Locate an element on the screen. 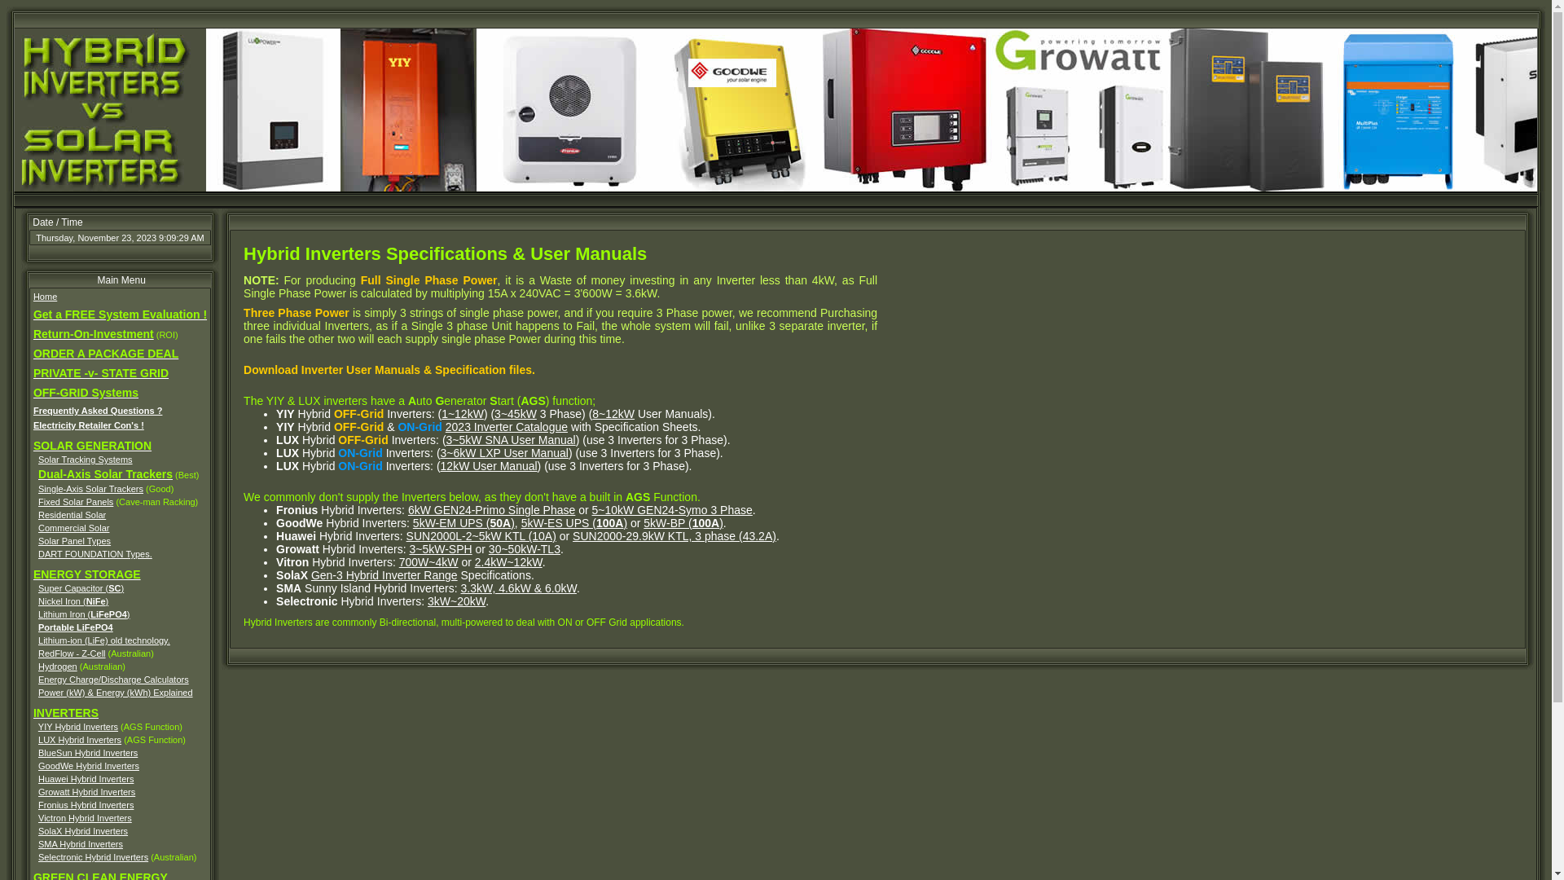 This screenshot has height=880, width=1564. '2023 Inverter Catalogue' is located at coordinates (506, 426).